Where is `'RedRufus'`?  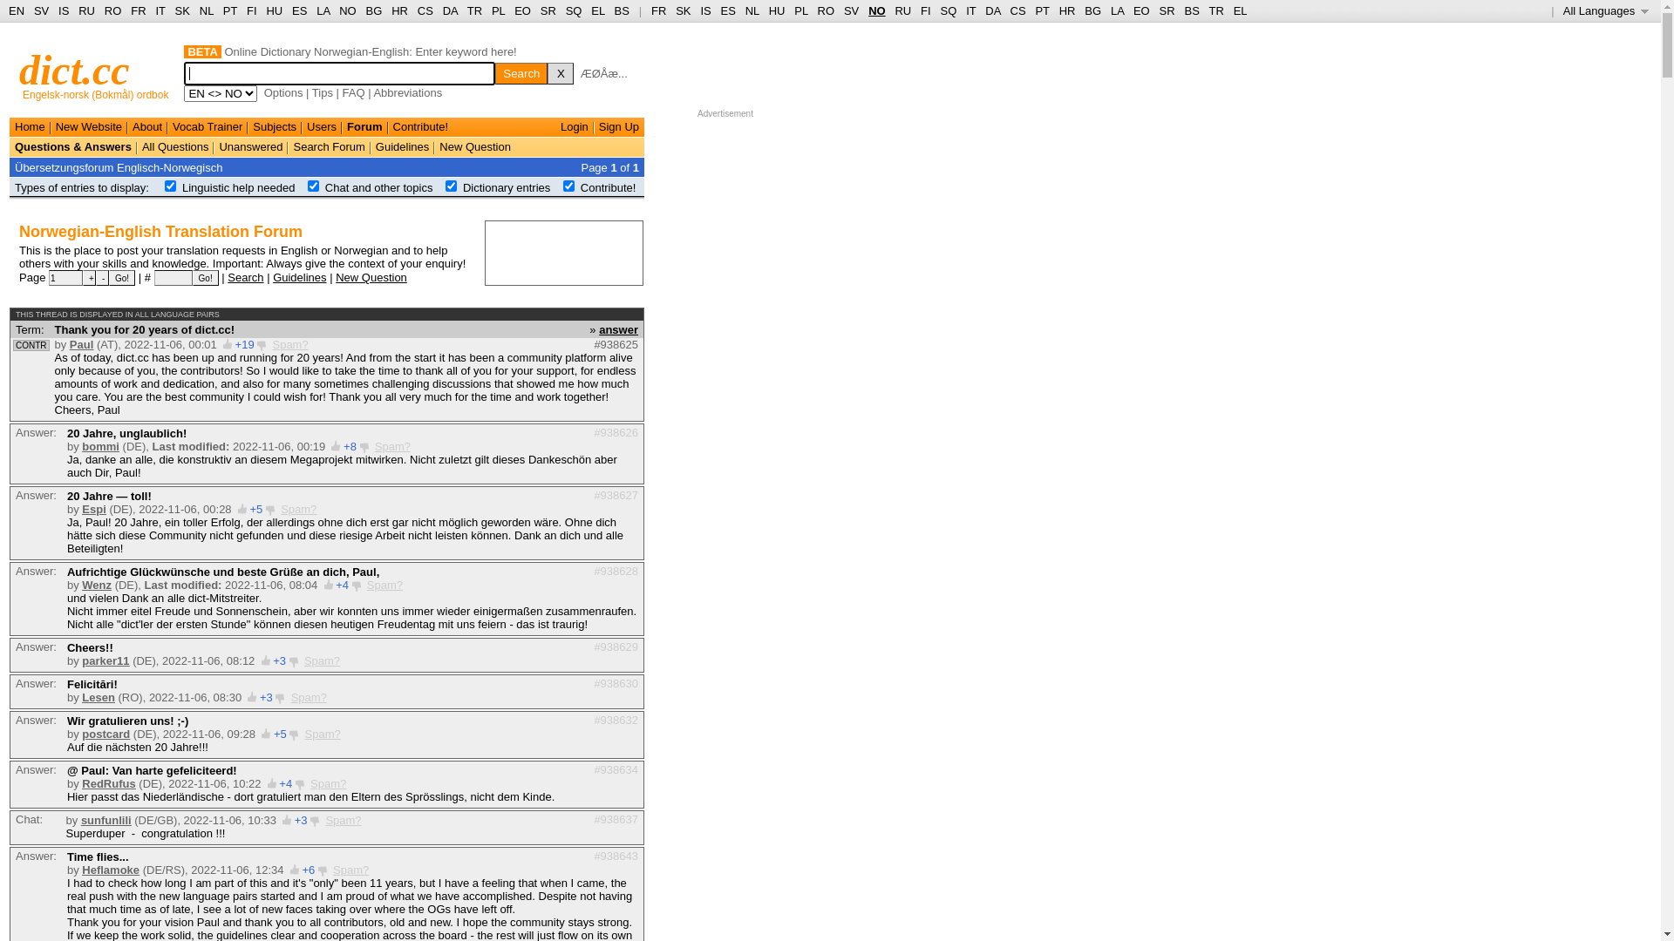
'RedRufus' is located at coordinates (81, 782).